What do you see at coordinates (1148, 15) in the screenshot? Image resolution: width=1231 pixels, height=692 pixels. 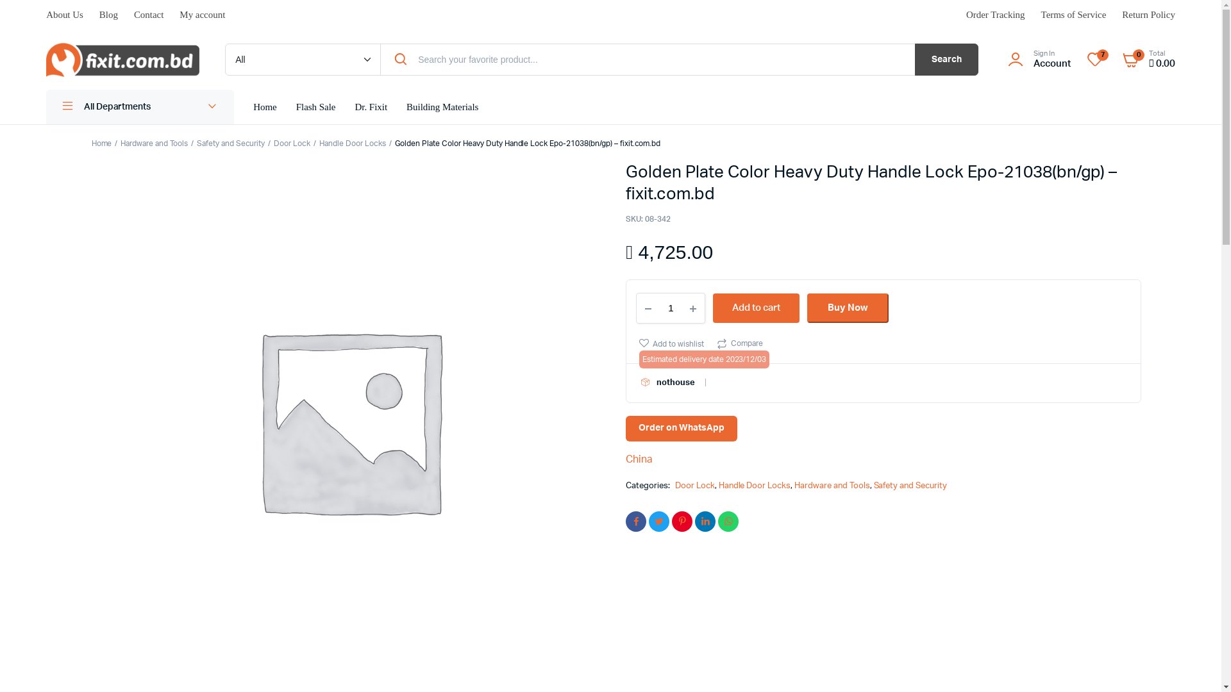 I see `'Return Policy'` at bounding box center [1148, 15].